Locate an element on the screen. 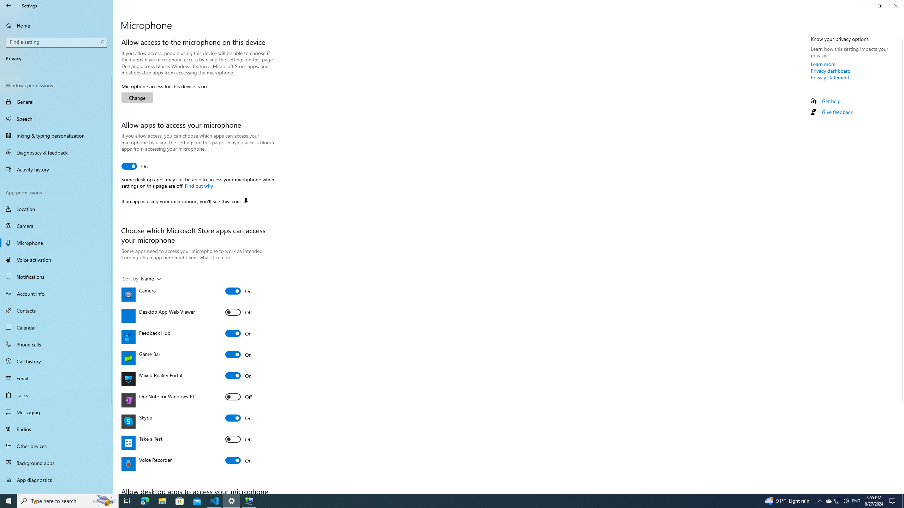 This screenshot has width=904, height=508. 'Privacy statement' is located at coordinates (829, 77).